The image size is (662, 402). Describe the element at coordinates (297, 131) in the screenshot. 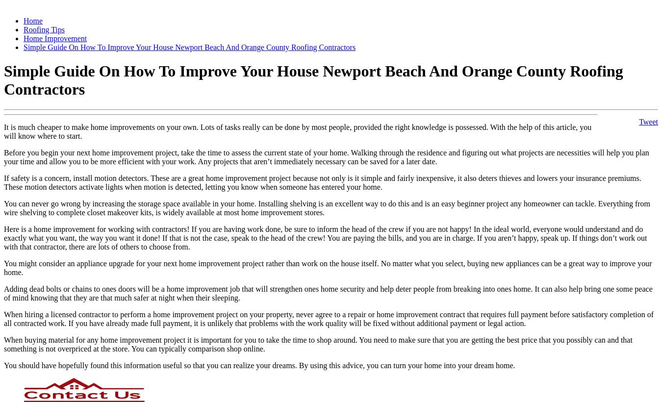

I see `'It is much cheaper to make home improvements on your own. Lots of tasks really can be done by most people, provided the right knowledge is possessed. With the help of this article, you will know where to start.'` at that location.